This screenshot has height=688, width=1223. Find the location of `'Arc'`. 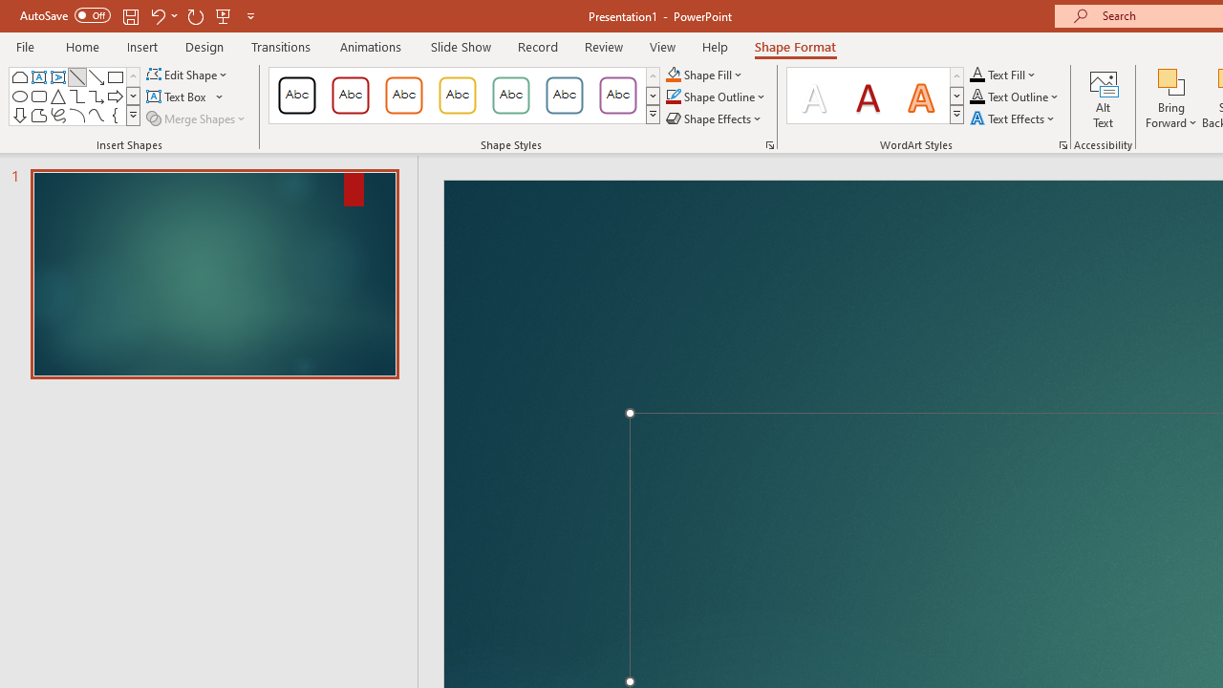

'Arc' is located at coordinates (76, 115).